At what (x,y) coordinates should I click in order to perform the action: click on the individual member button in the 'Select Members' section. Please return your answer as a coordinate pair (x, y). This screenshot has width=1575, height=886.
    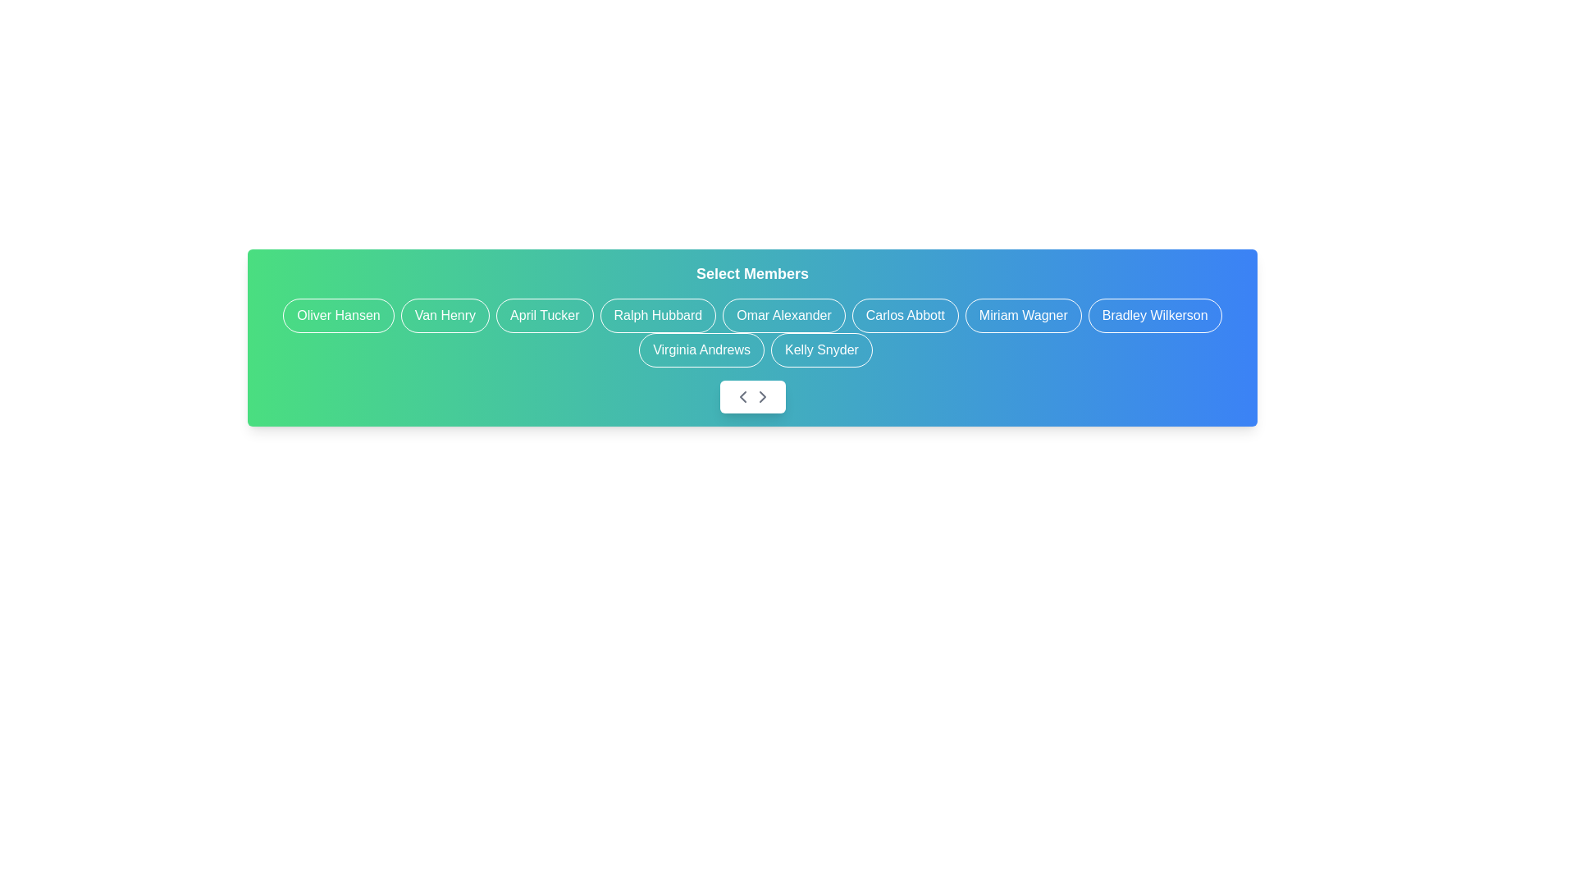
    Looking at the image, I should click on (751, 332).